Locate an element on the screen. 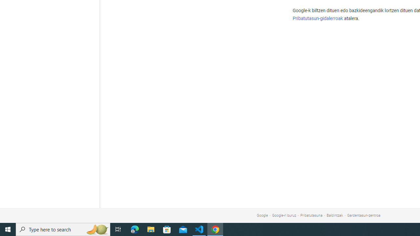  'Gardentasun-zentroa' is located at coordinates (364, 215).